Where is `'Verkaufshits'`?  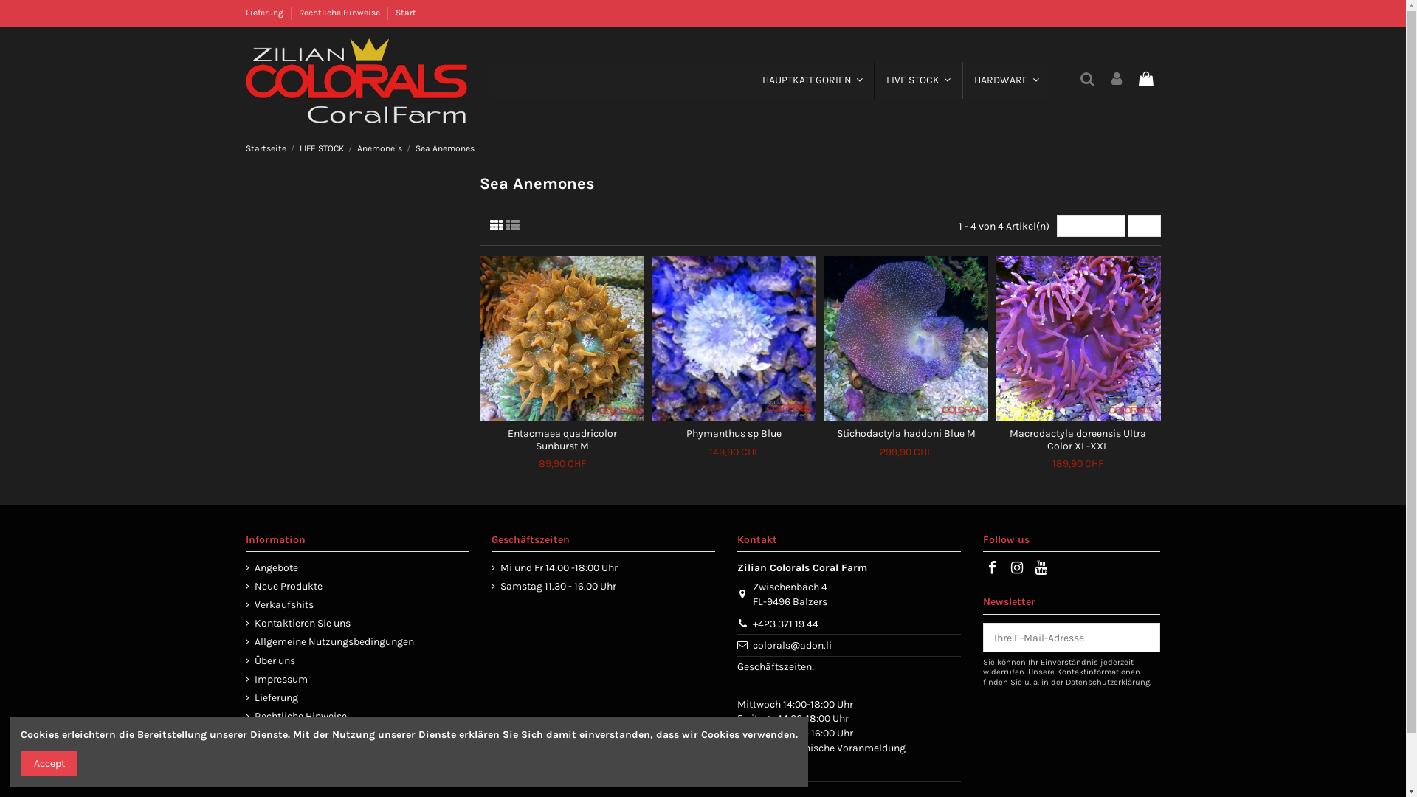
'Verkaufshits' is located at coordinates (279, 605).